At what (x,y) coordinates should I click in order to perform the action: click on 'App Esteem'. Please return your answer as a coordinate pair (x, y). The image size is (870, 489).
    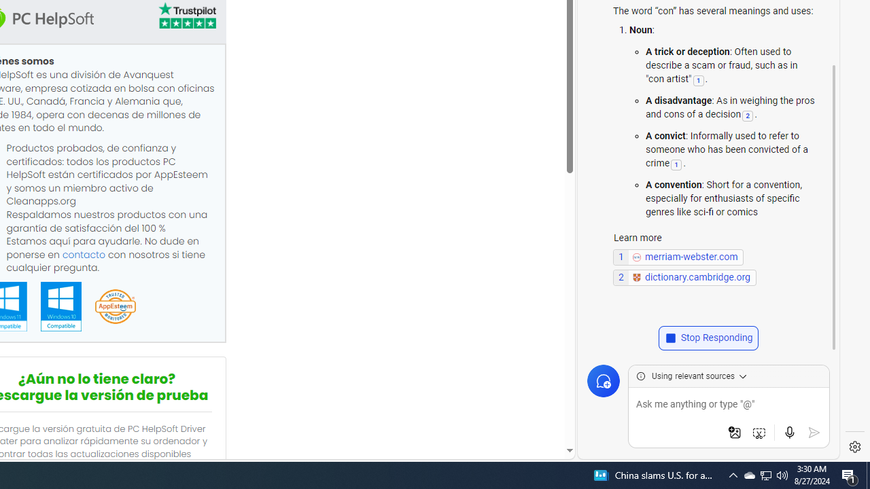
    Looking at the image, I should click on (115, 307).